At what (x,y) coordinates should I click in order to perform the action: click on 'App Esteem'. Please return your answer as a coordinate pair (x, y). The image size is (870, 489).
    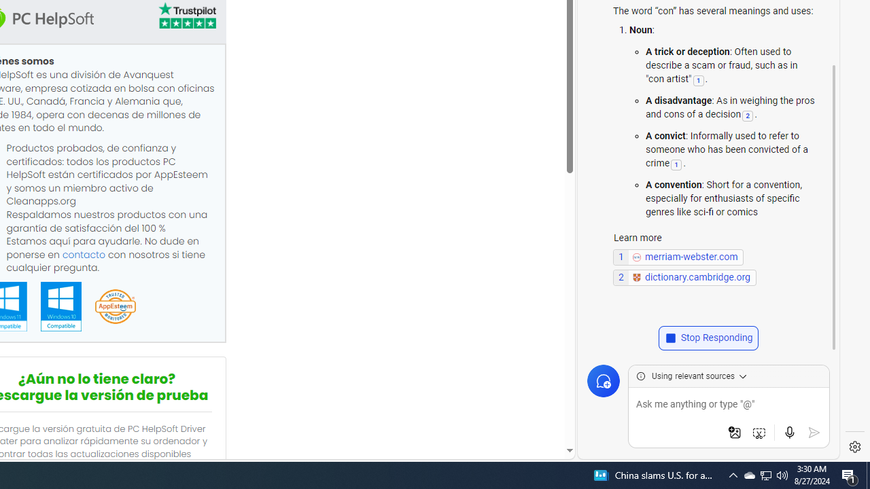
    Looking at the image, I should click on (115, 307).